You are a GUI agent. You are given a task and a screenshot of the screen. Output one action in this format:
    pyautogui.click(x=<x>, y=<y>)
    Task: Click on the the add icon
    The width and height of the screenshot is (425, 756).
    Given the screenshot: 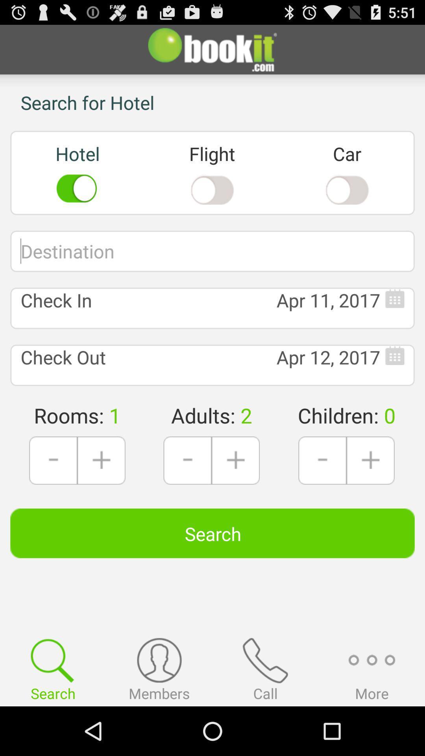 What is the action you would take?
    pyautogui.click(x=235, y=492)
    